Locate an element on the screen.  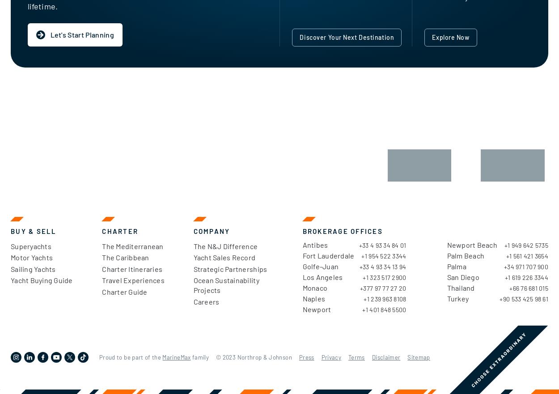
'Let's Start Planning' is located at coordinates (82, 34).